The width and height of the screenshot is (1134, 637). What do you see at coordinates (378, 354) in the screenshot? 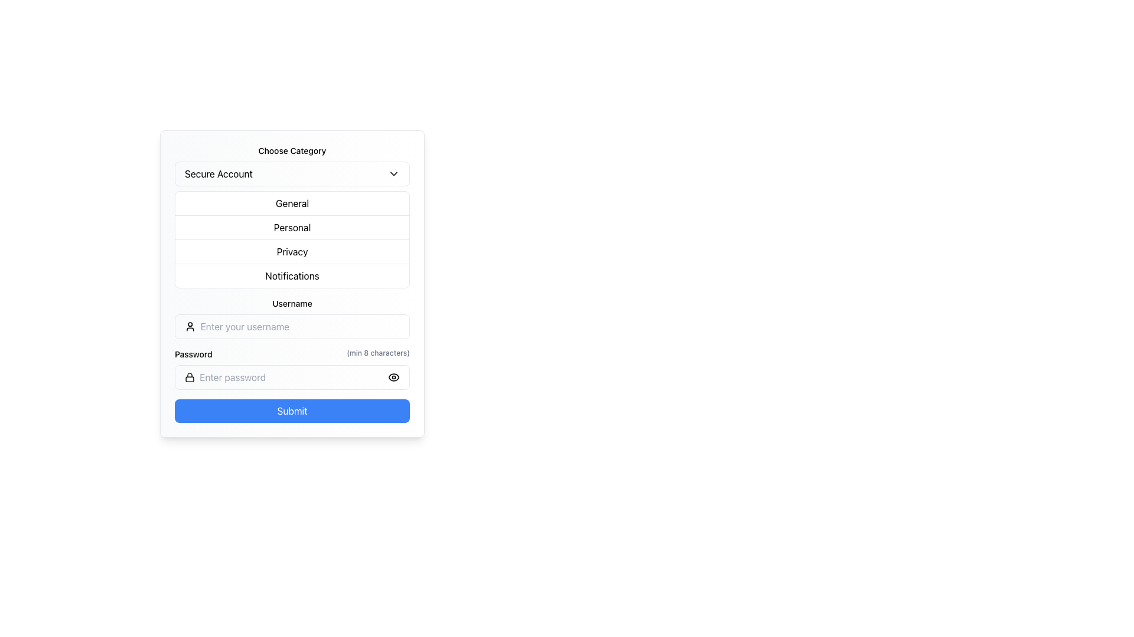
I see `text label displaying '(min 8 characters)' in light gray color, located in the 'Password' section to the right of the main 'Password' label` at bounding box center [378, 354].